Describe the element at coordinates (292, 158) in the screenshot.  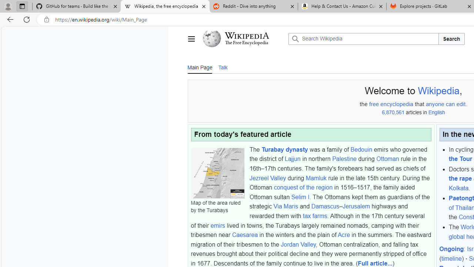
I see `'Lajjun'` at that location.